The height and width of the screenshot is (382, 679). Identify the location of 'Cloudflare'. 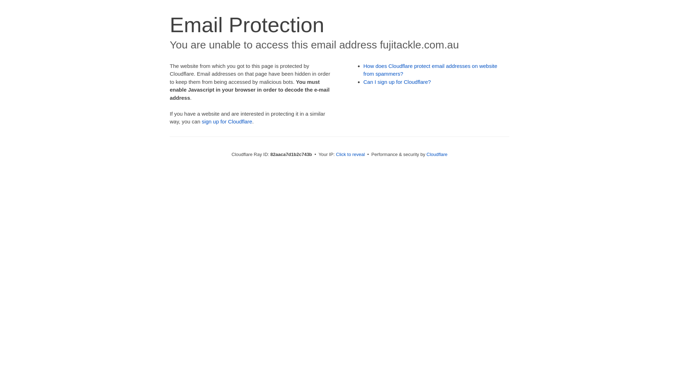
(436, 154).